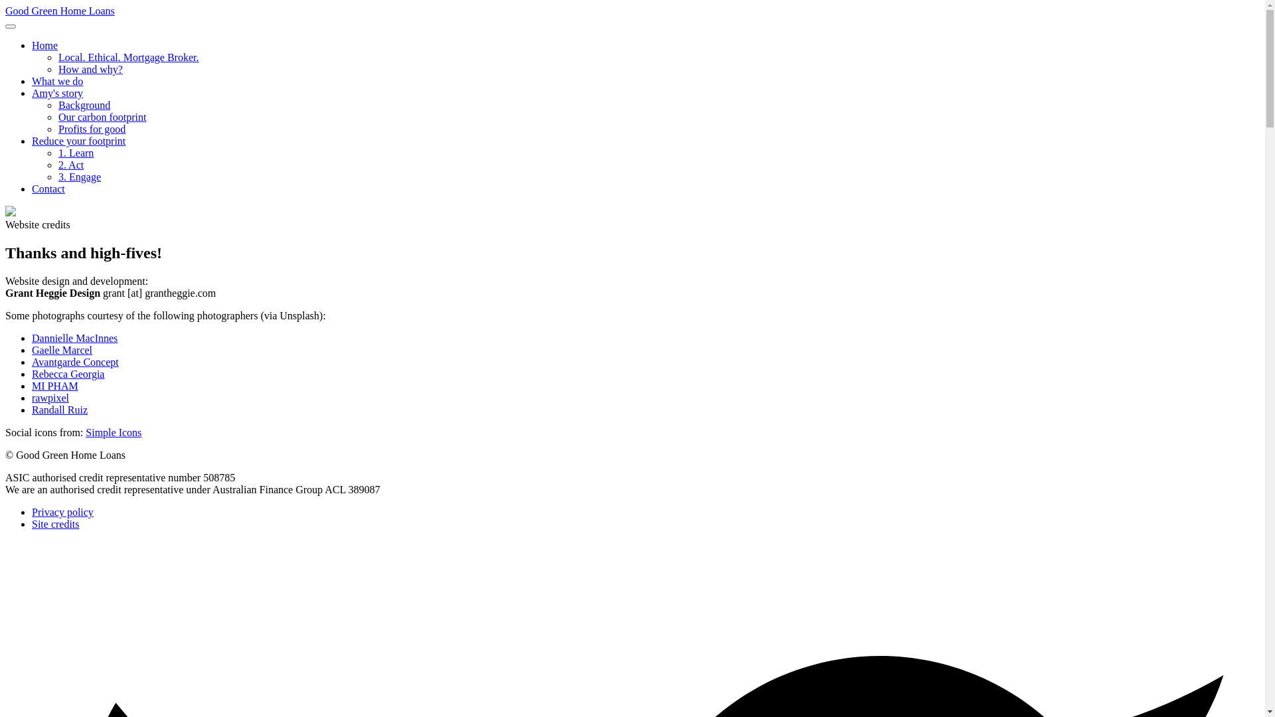 The image size is (1275, 717). I want to click on '1. Learn', so click(75, 152).